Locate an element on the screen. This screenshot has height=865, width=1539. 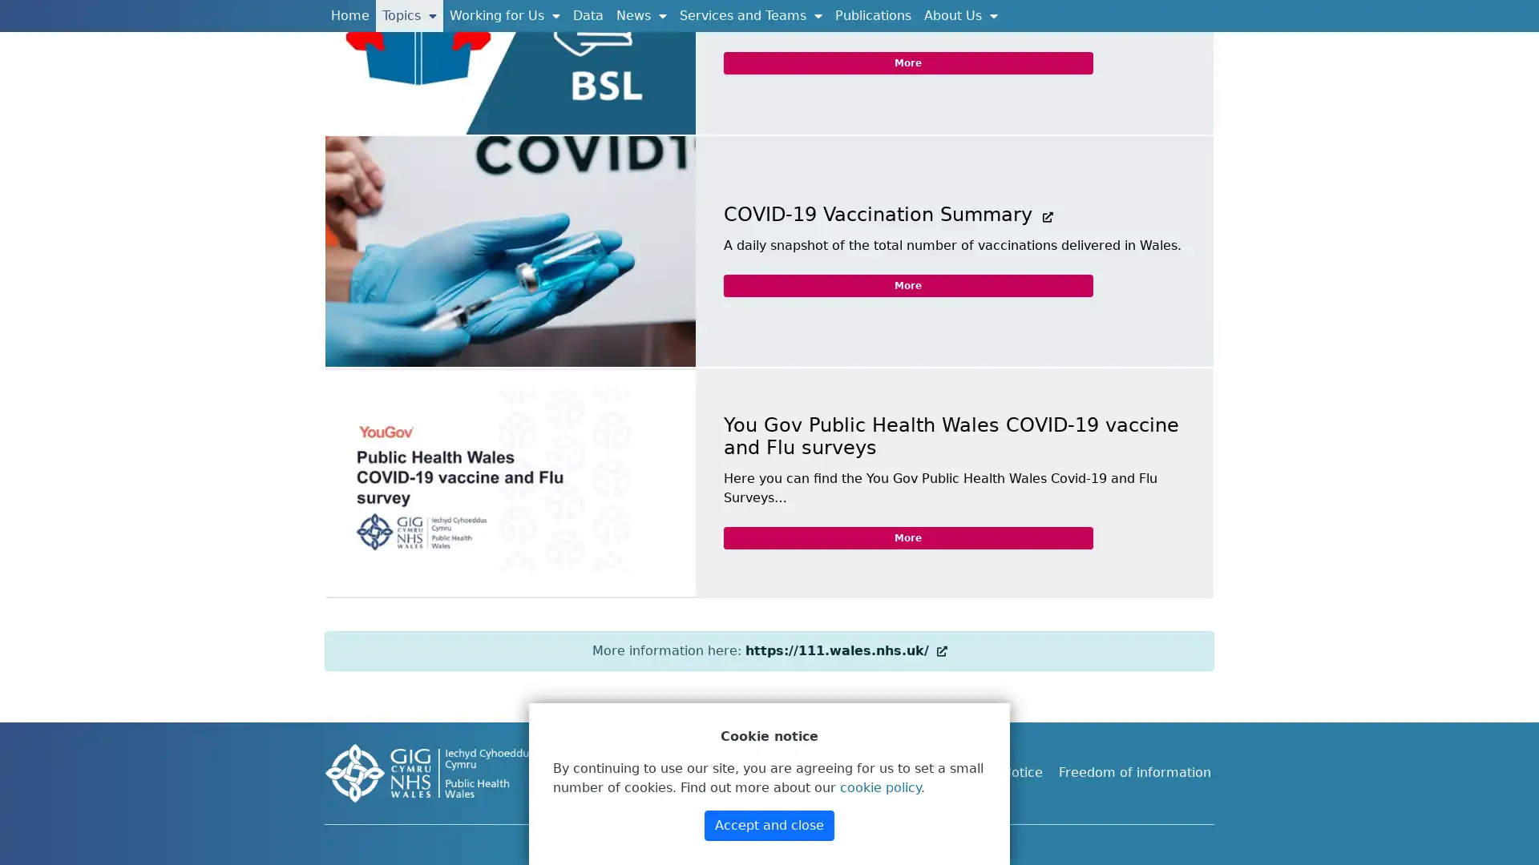
Accept and close is located at coordinates (769, 825).